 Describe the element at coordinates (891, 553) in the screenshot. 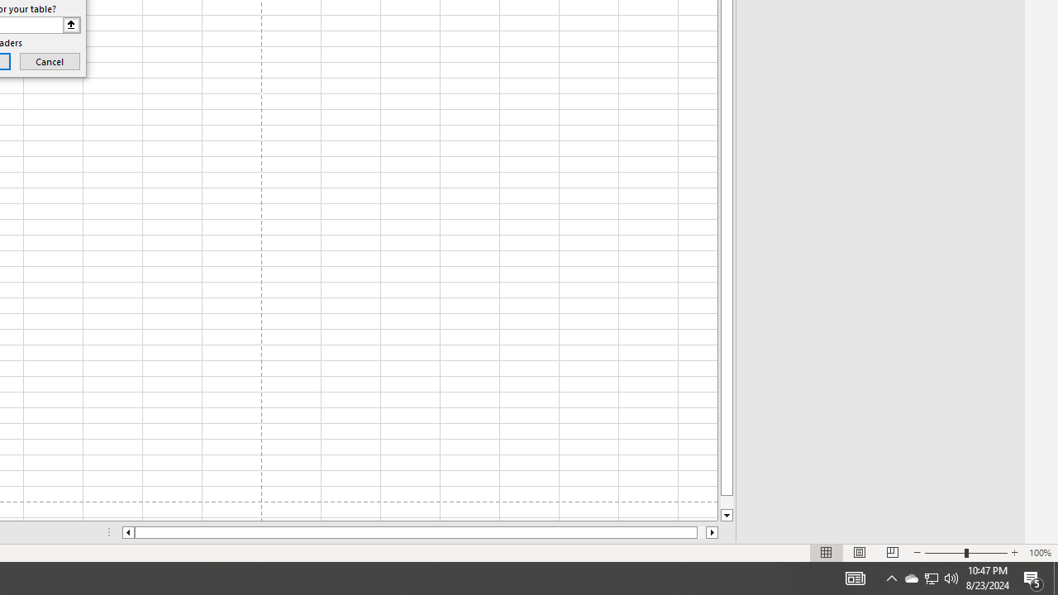

I see `'Page Break Preview'` at that location.